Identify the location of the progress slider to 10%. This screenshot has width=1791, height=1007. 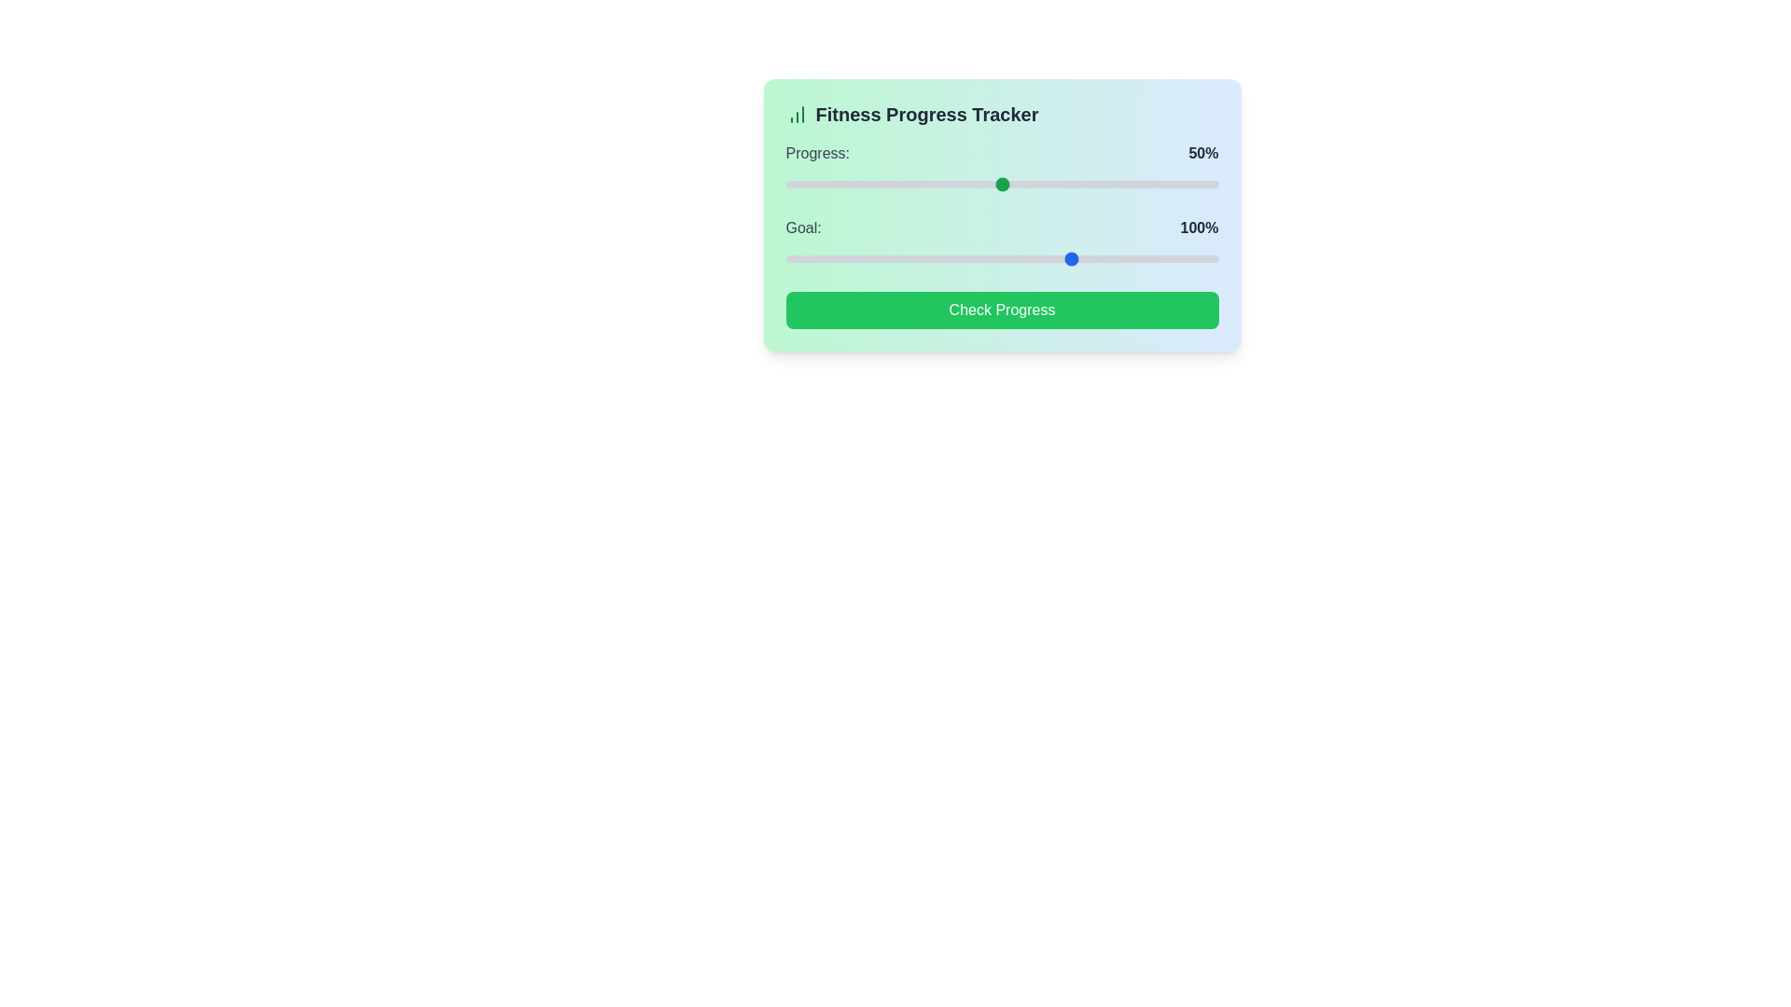
(827, 184).